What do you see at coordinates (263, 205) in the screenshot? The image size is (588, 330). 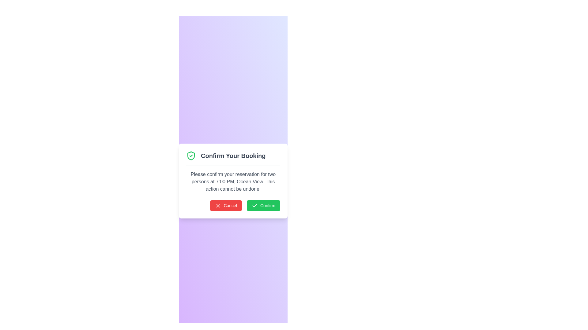 I see `the green rectangular 'Confirm' button with a checkmark icon to confirm the action` at bounding box center [263, 205].